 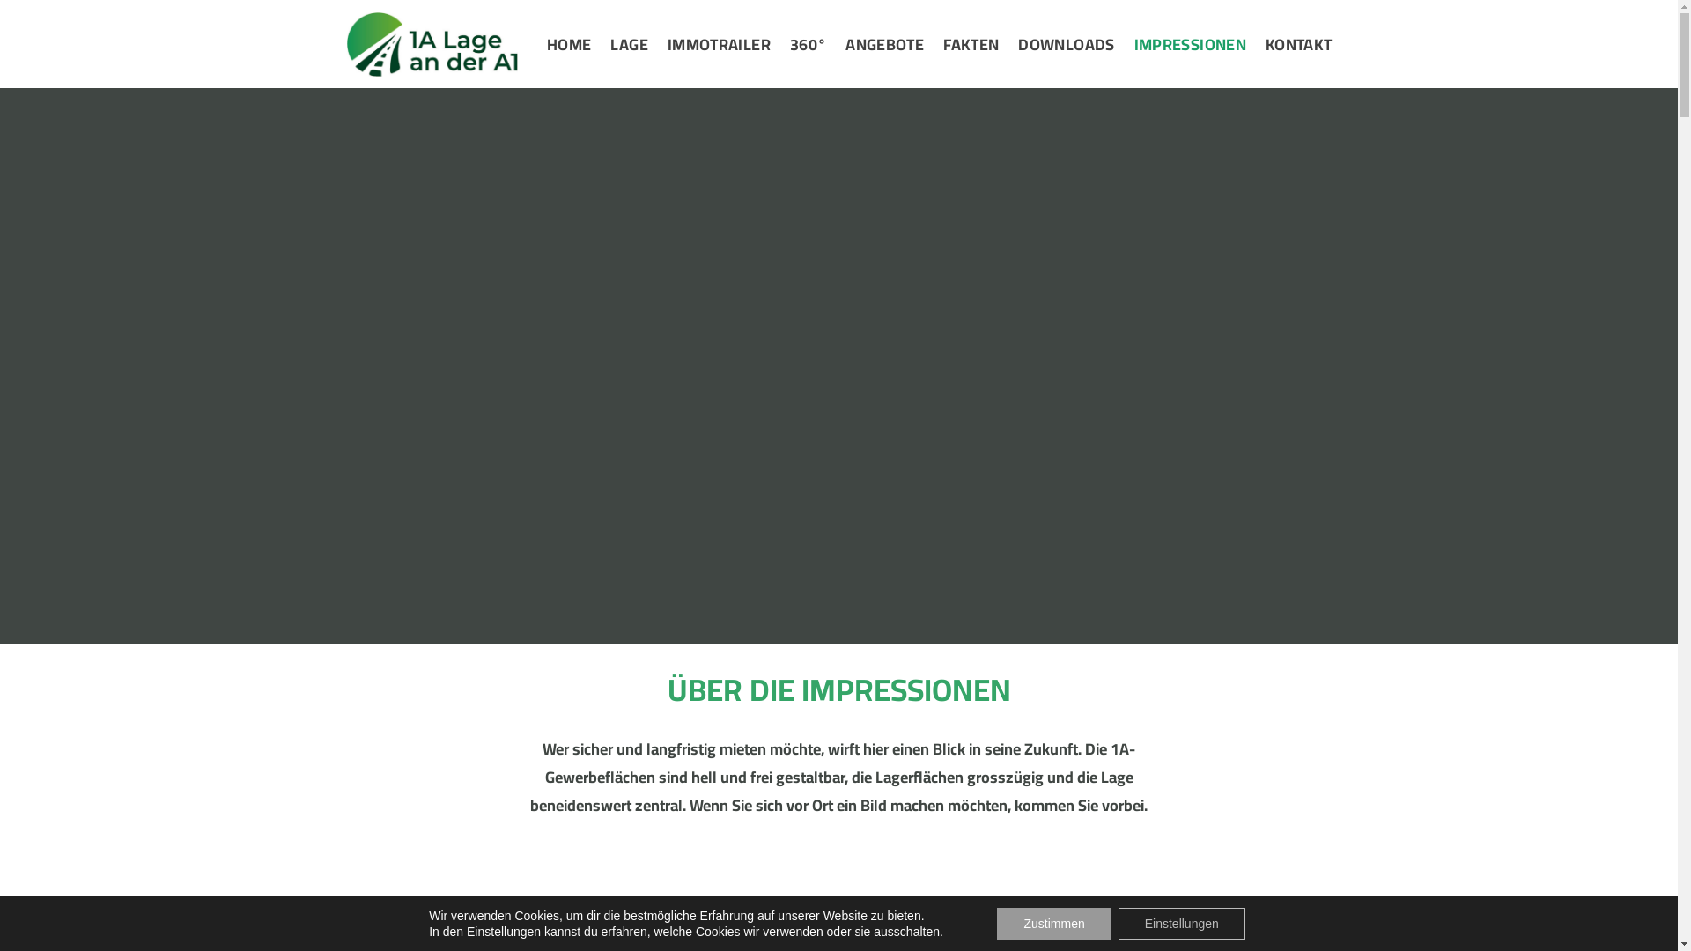 I want to click on 'IMMOTRAILER', so click(x=719, y=43).